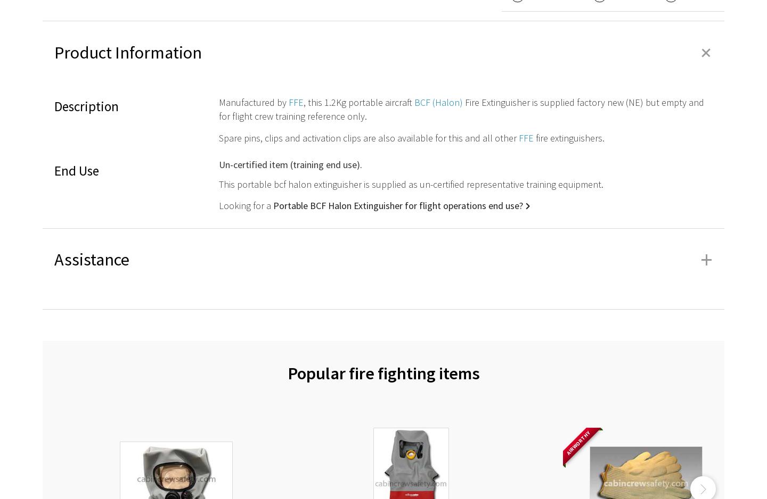  Describe the element at coordinates (433, 377) in the screenshot. I see `'The story so far'` at that location.